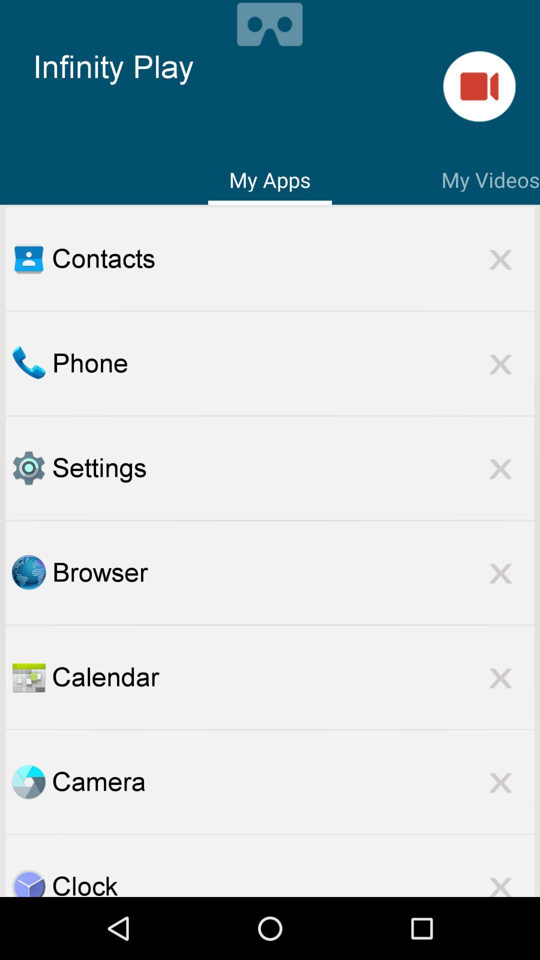 This screenshot has width=540, height=960. What do you see at coordinates (28, 362) in the screenshot?
I see `number dialing` at bounding box center [28, 362].